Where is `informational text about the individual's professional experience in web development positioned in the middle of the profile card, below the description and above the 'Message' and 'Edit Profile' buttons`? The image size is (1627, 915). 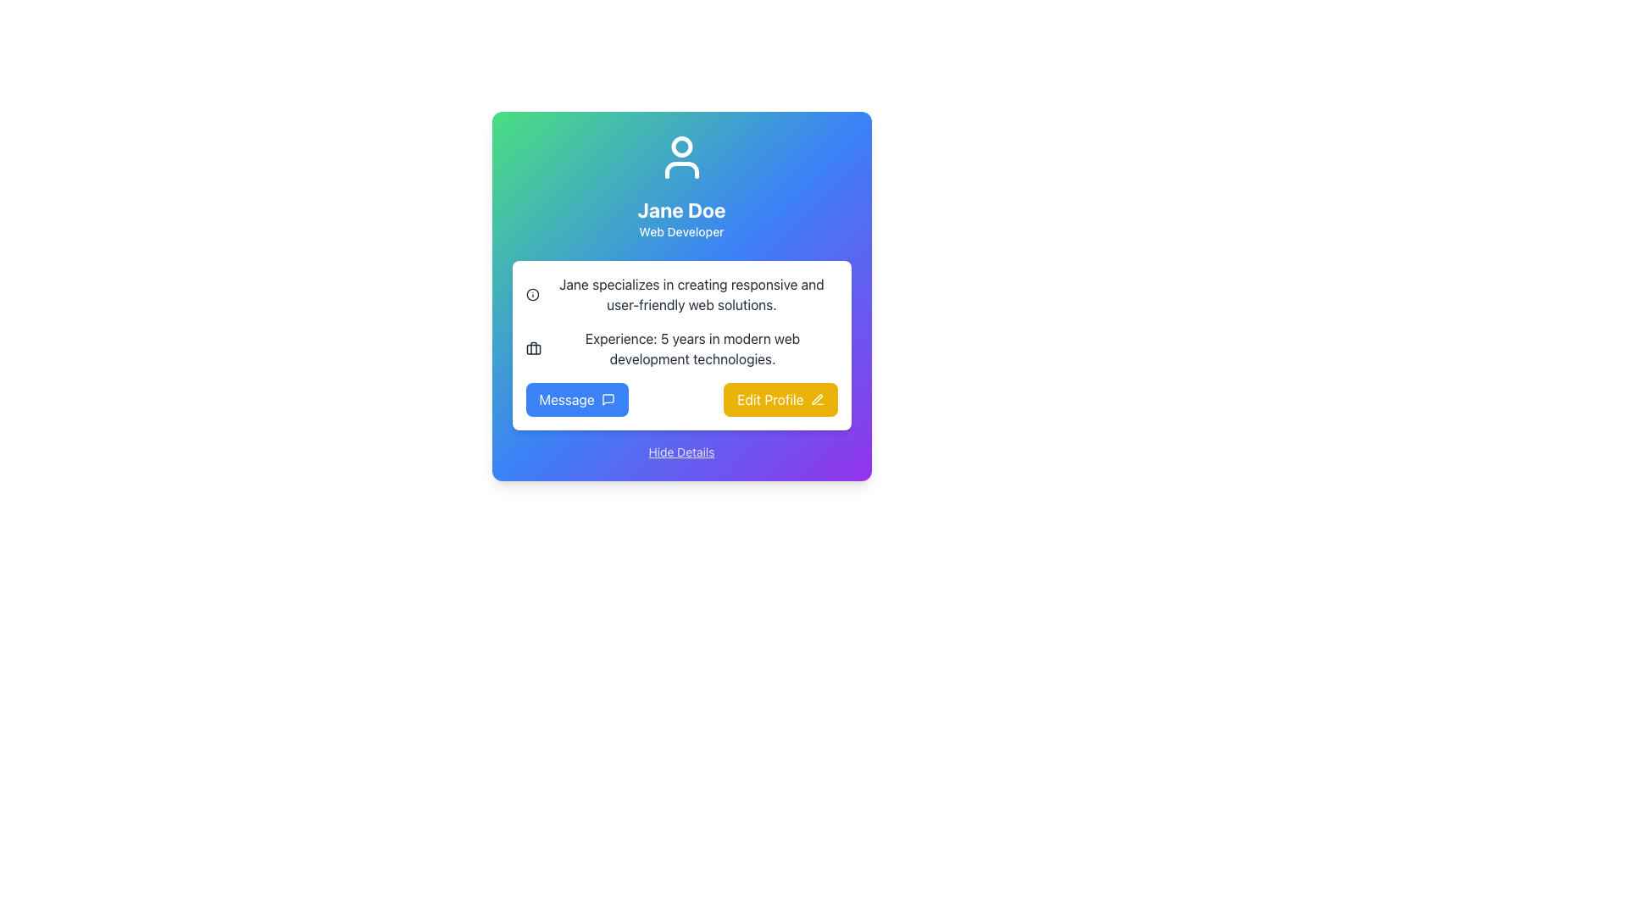
informational text about the individual's professional experience in web development positioned in the middle of the profile card, below the description and above the 'Message' and 'Edit Profile' buttons is located at coordinates (681, 348).